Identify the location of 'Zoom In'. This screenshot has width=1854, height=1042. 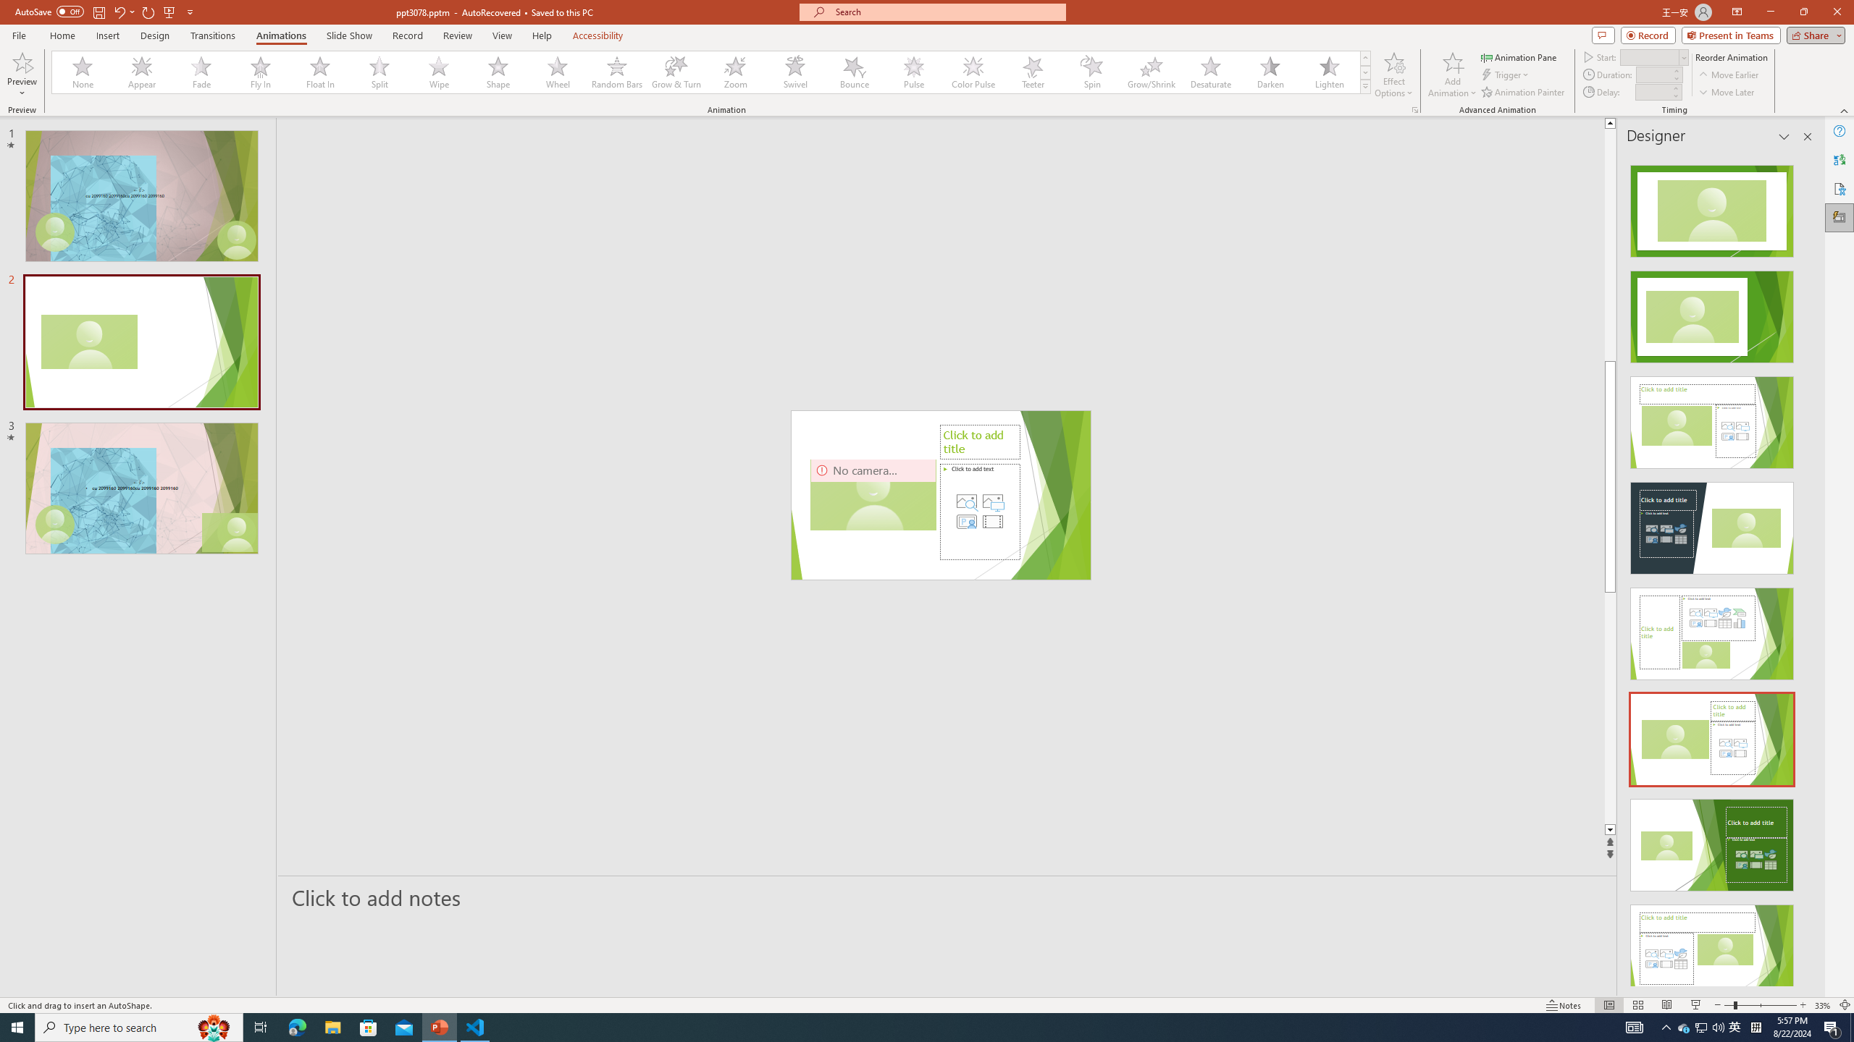
(1802, 1005).